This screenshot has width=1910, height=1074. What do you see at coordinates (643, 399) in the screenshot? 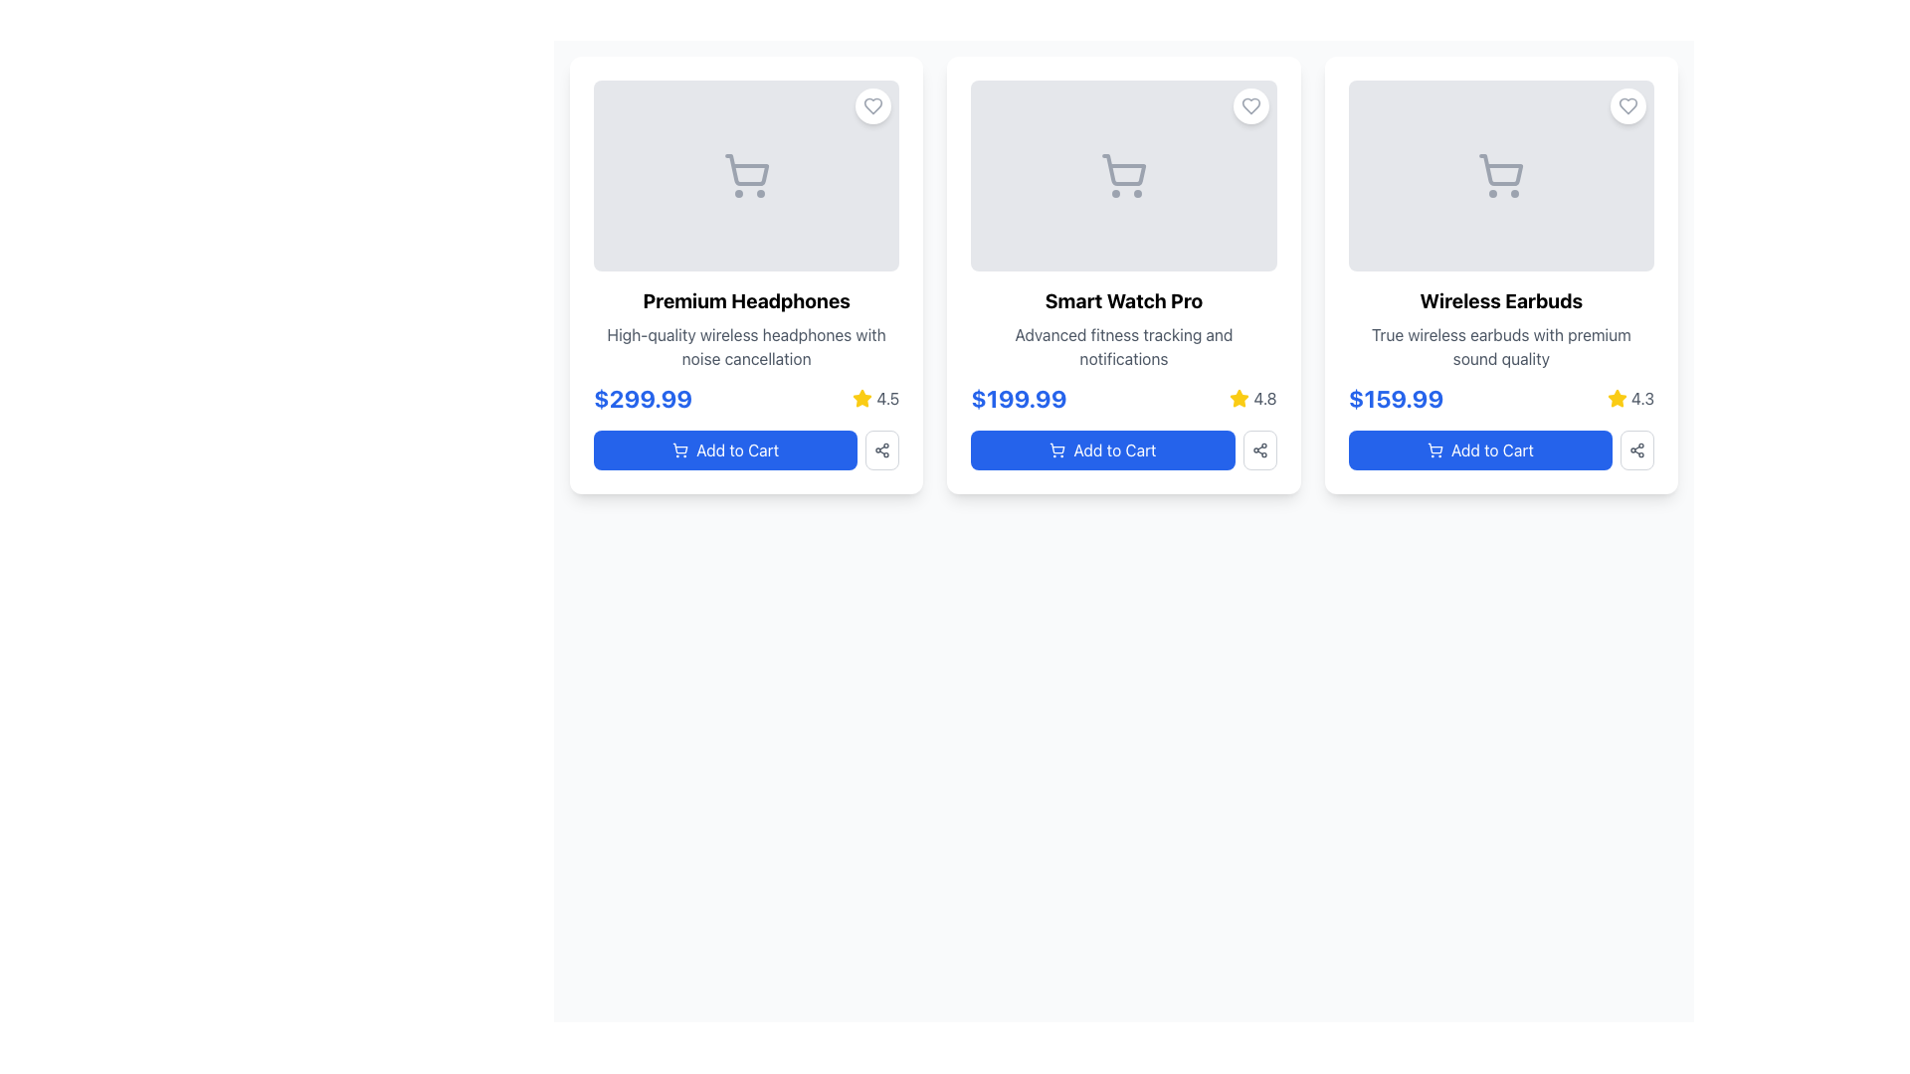
I see `the price text label located within the first product card, which is positioned below the product's title and description, and above the 'Add to Cart' button` at bounding box center [643, 399].